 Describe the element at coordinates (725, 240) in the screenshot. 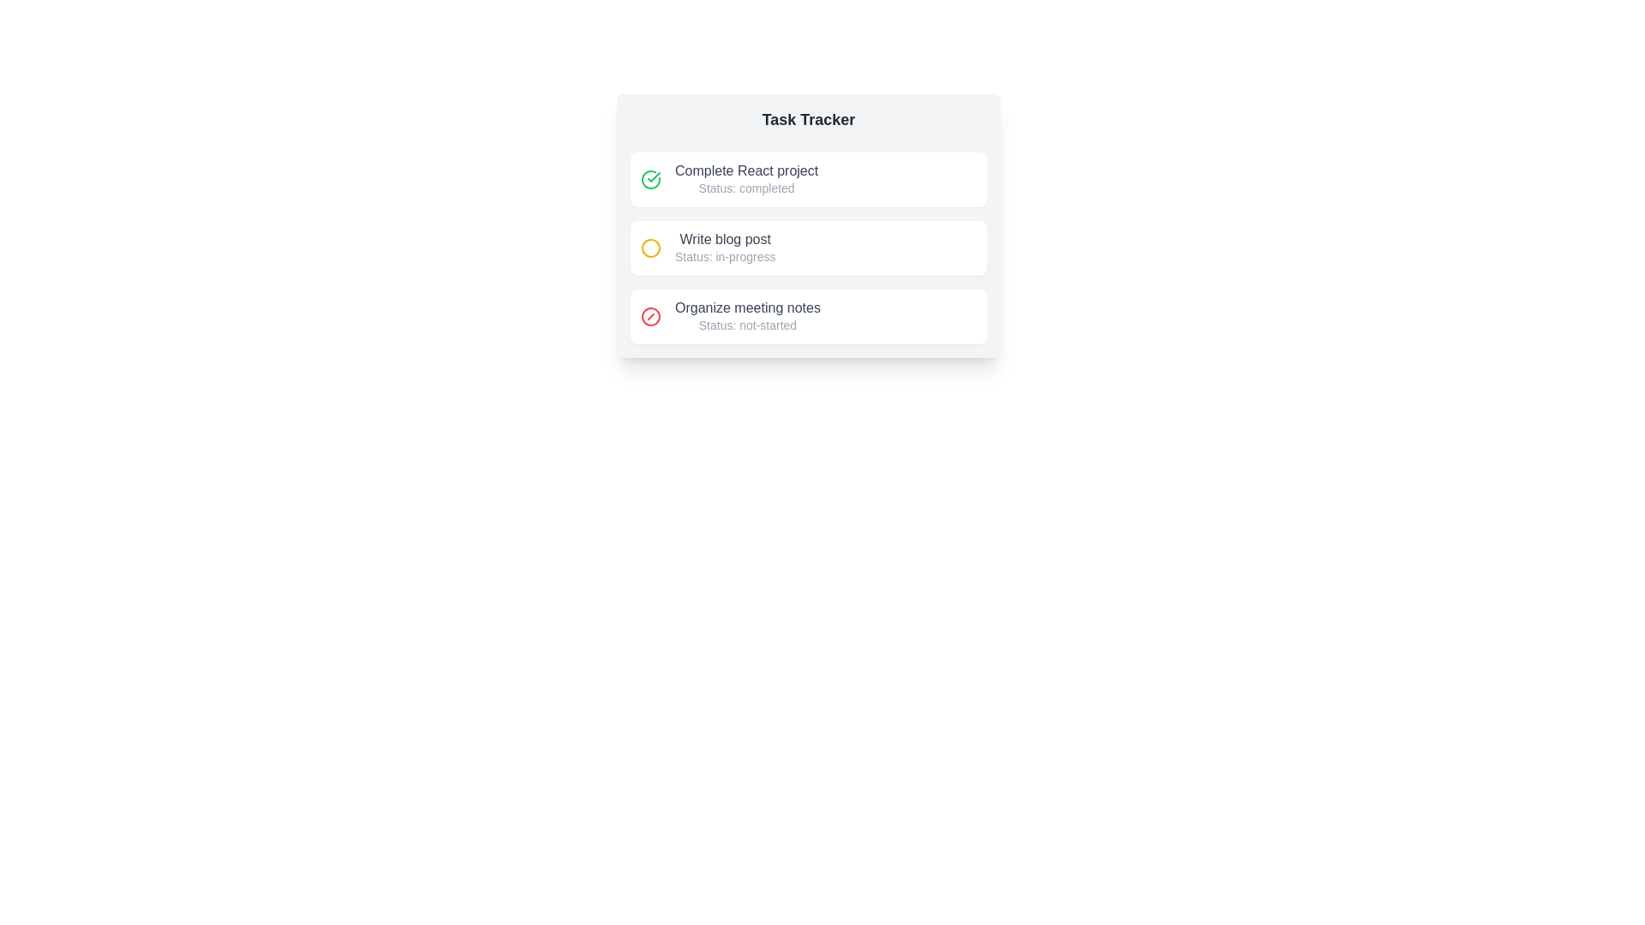

I see `the text label that serves as the title or description of the second task entry in the task tracker, which is located above the status text 'Status: in-progress' and to the right of a circular yellow icon` at that location.